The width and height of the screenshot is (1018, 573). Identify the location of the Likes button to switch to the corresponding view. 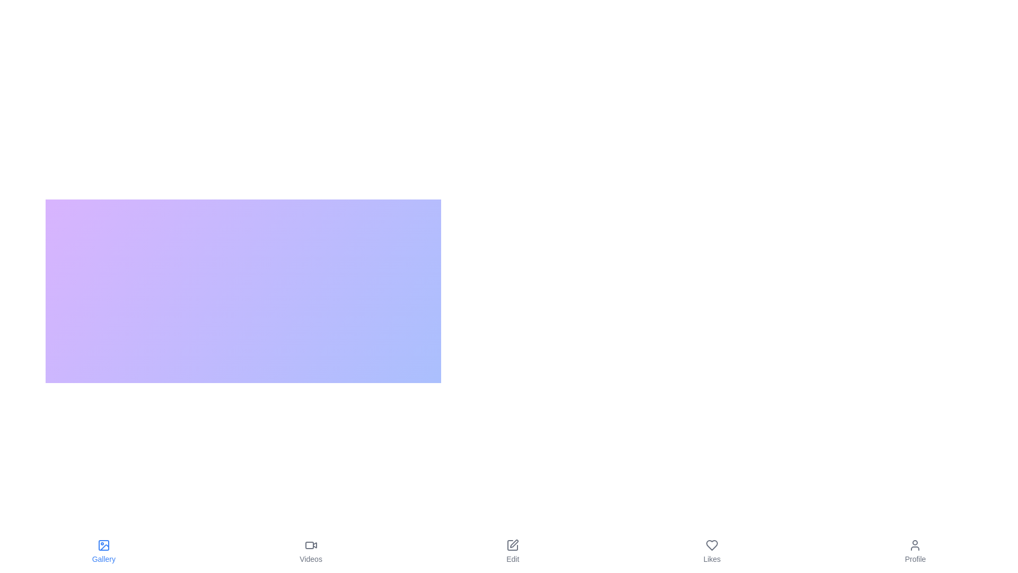
(712, 551).